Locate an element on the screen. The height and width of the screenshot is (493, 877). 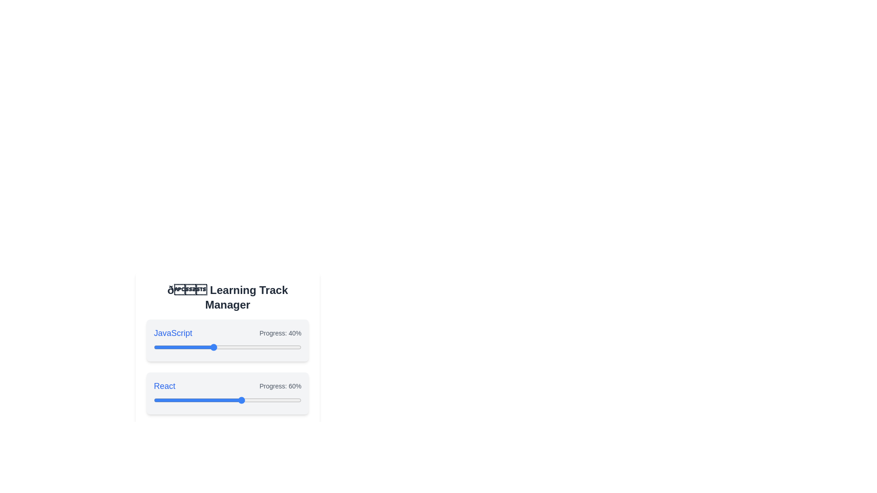
the progress for 'JavaScript' track is located at coordinates (211, 347).